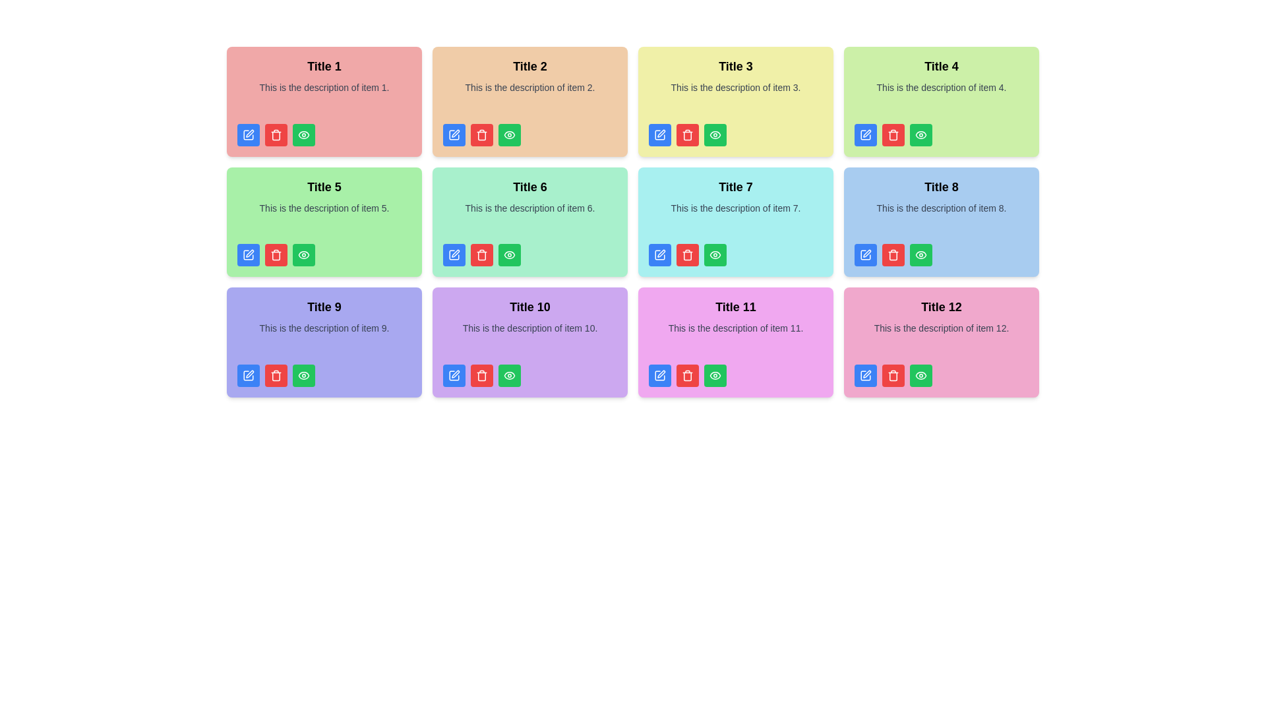 The image size is (1266, 712). Describe the element at coordinates (686, 134) in the screenshot. I see `the second button in the row under 'Title 3' card` at that location.